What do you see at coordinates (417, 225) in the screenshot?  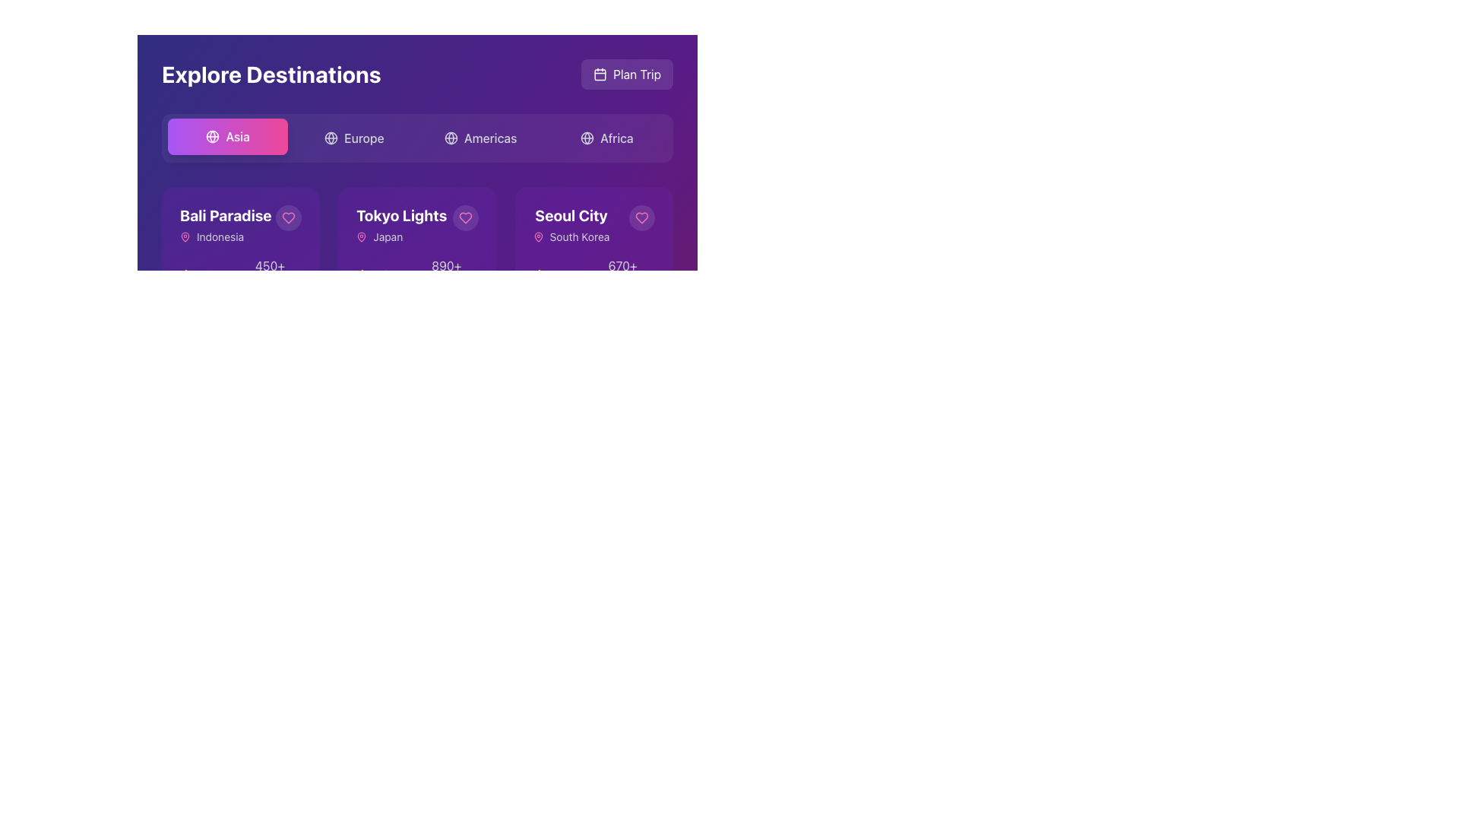 I see `information displayed in the text label that shows the travel destination 'Tokyo Lights' and its associated region 'Japan', located in the central card of the second row within the grid layout of travel destinations` at bounding box center [417, 225].